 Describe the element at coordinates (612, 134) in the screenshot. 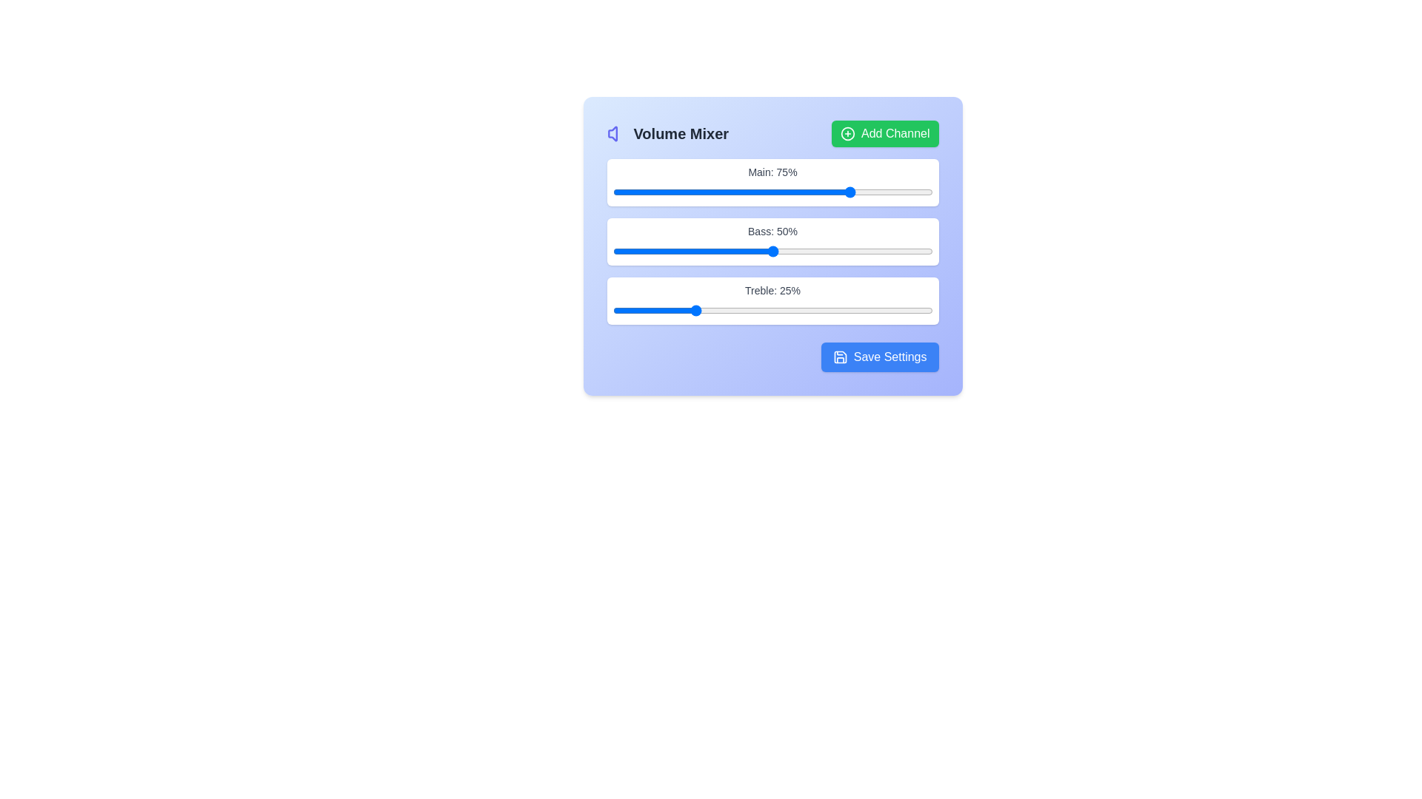

I see `the volume icon located at the top left corner of the interface` at that location.